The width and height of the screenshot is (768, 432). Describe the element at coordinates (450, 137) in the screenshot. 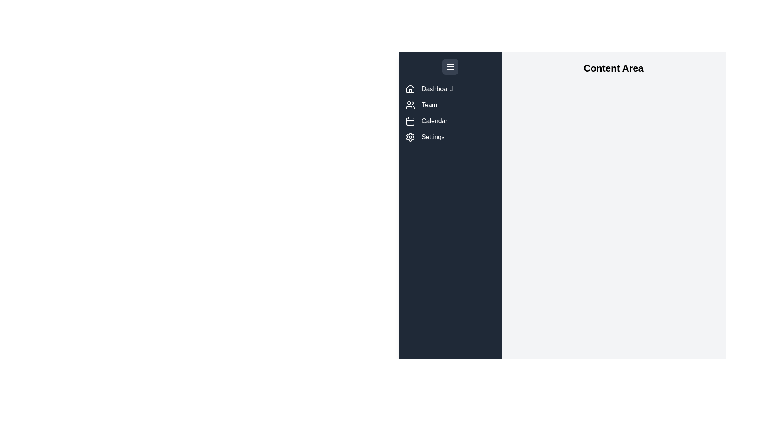

I see `the 'Settings' menu item to navigate to the settings` at that location.